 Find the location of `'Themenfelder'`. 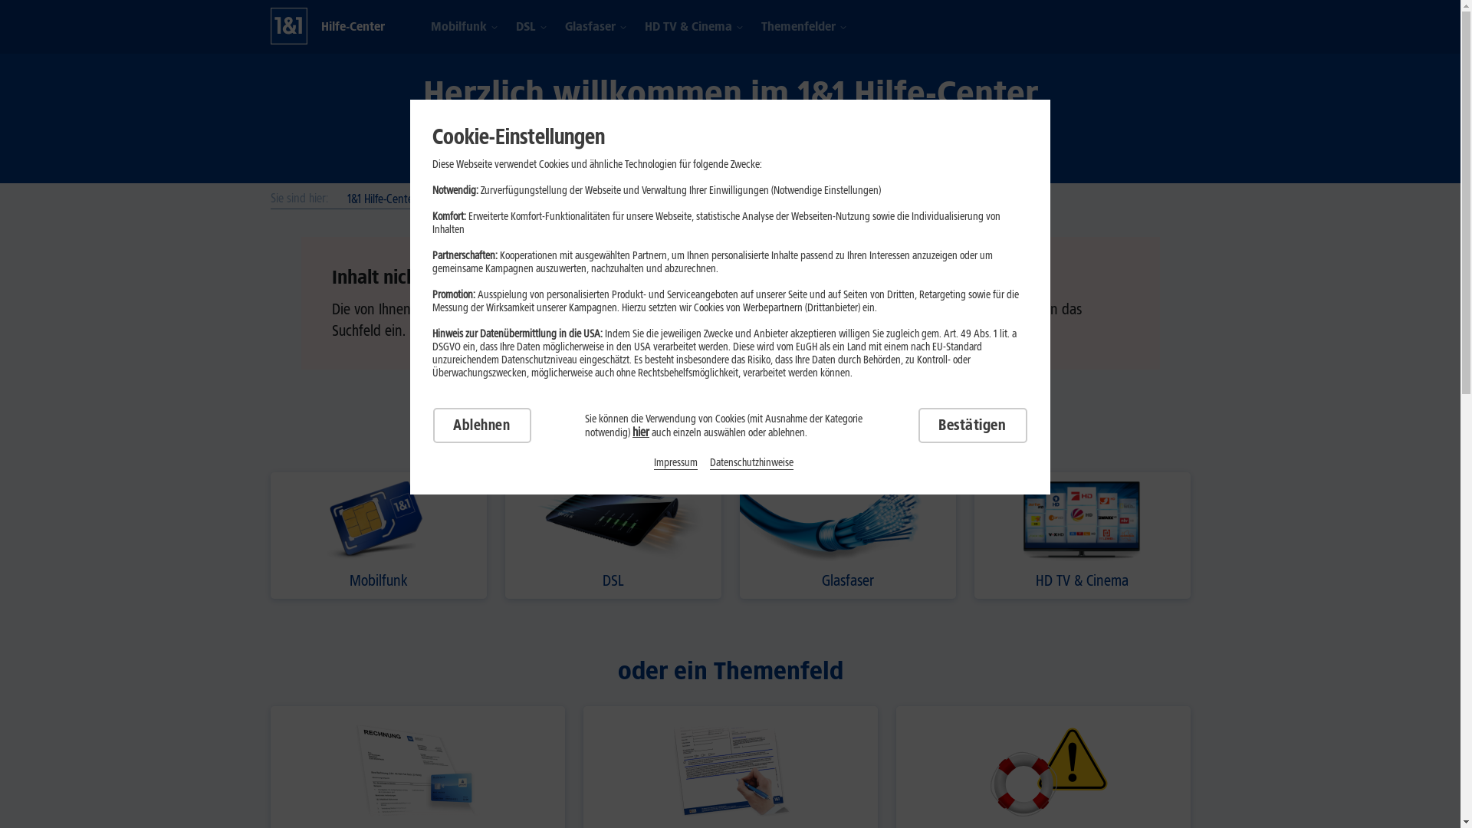

'Themenfelder' is located at coordinates (797, 27).